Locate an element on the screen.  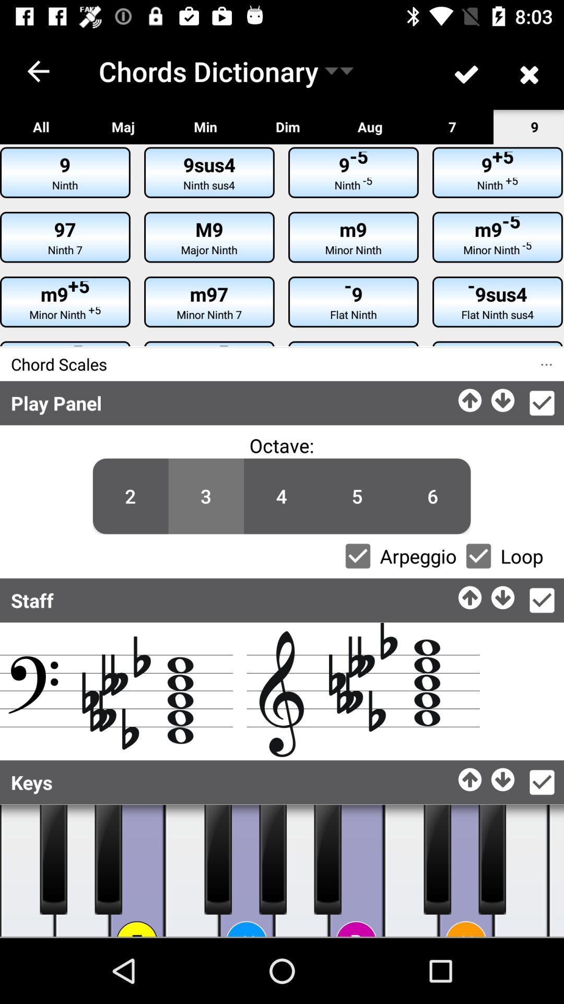
configurations is located at coordinates (541, 403).